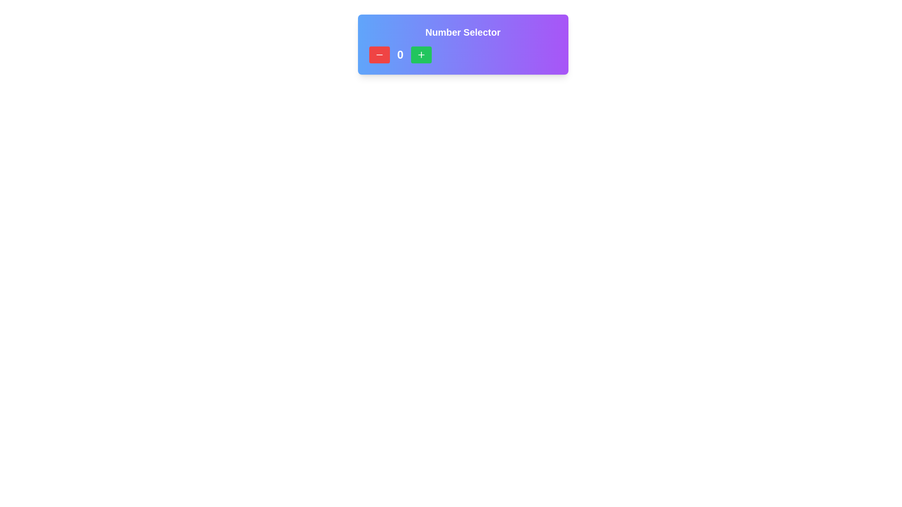 The image size is (902, 507). What do you see at coordinates (400, 54) in the screenshot?
I see `the text label displaying the numeral '0' which is centrally located between a red minus button and a green plus button` at bounding box center [400, 54].